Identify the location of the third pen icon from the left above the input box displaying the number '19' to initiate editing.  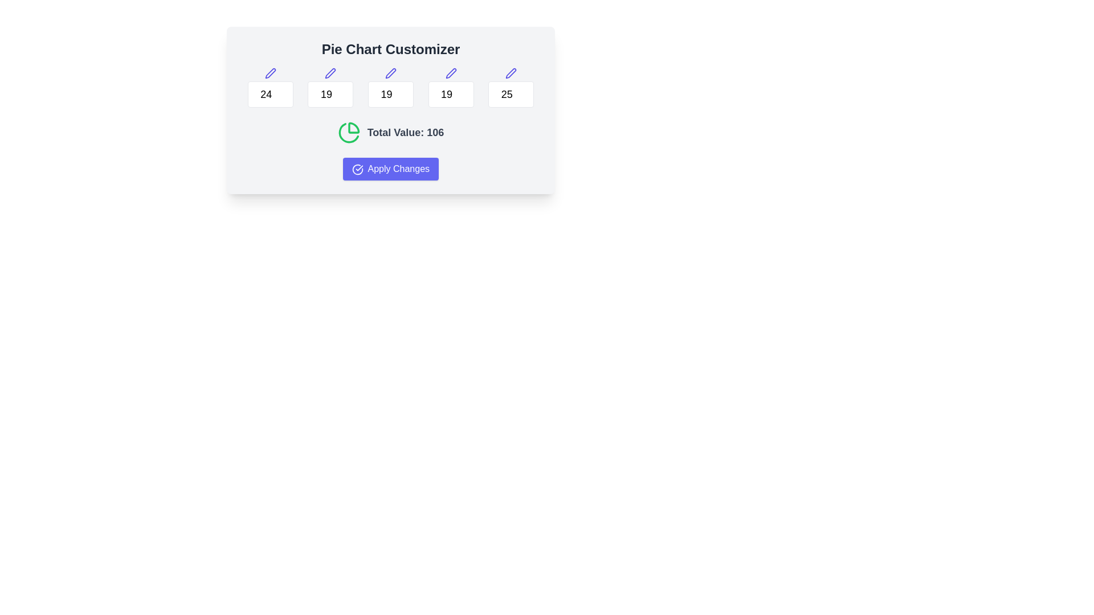
(391, 73).